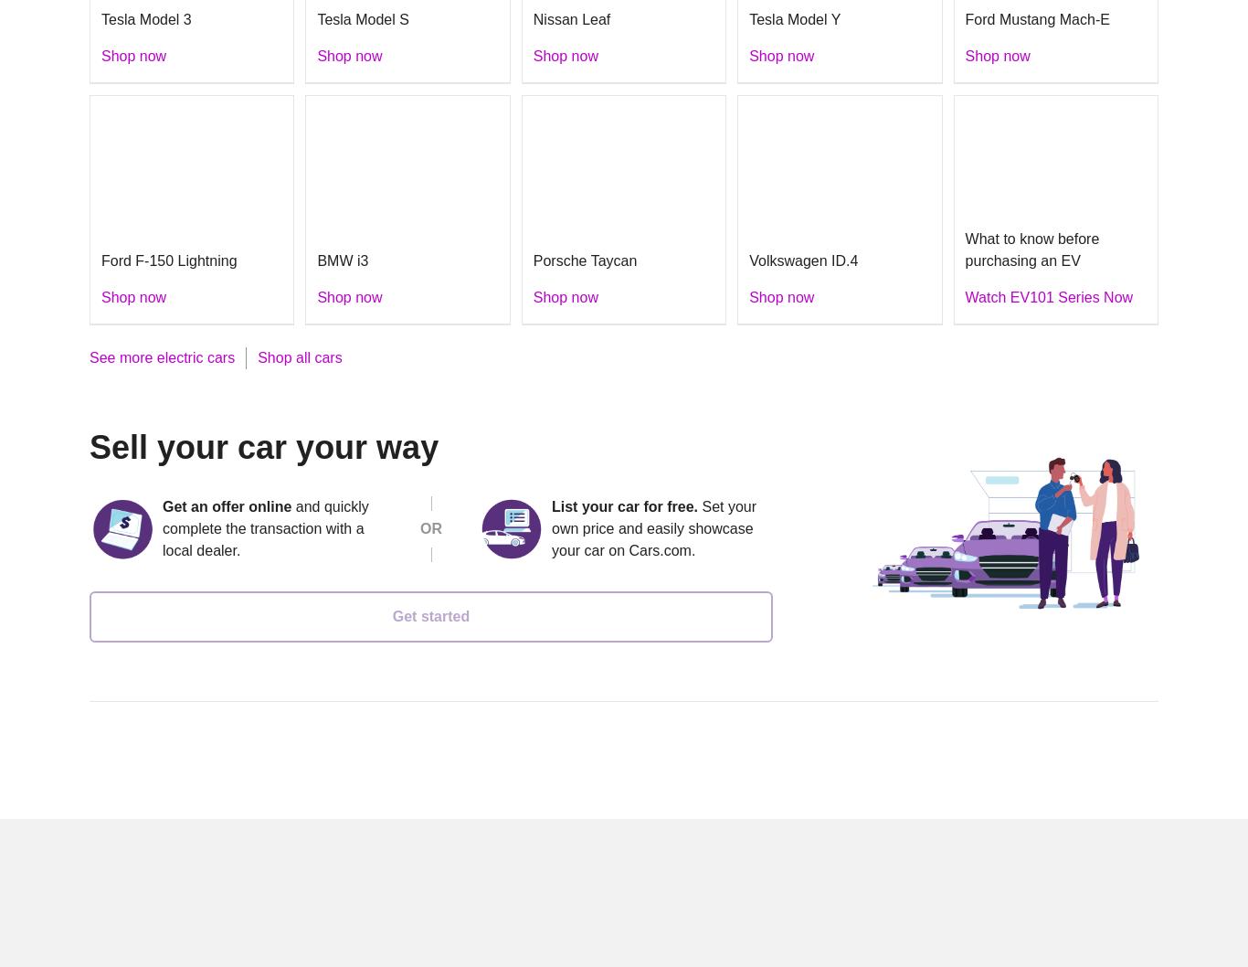  What do you see at coordinates (144, 19) in the screenshot?
I see `'Tesla Model 3'` at bounding box center [144, 19].